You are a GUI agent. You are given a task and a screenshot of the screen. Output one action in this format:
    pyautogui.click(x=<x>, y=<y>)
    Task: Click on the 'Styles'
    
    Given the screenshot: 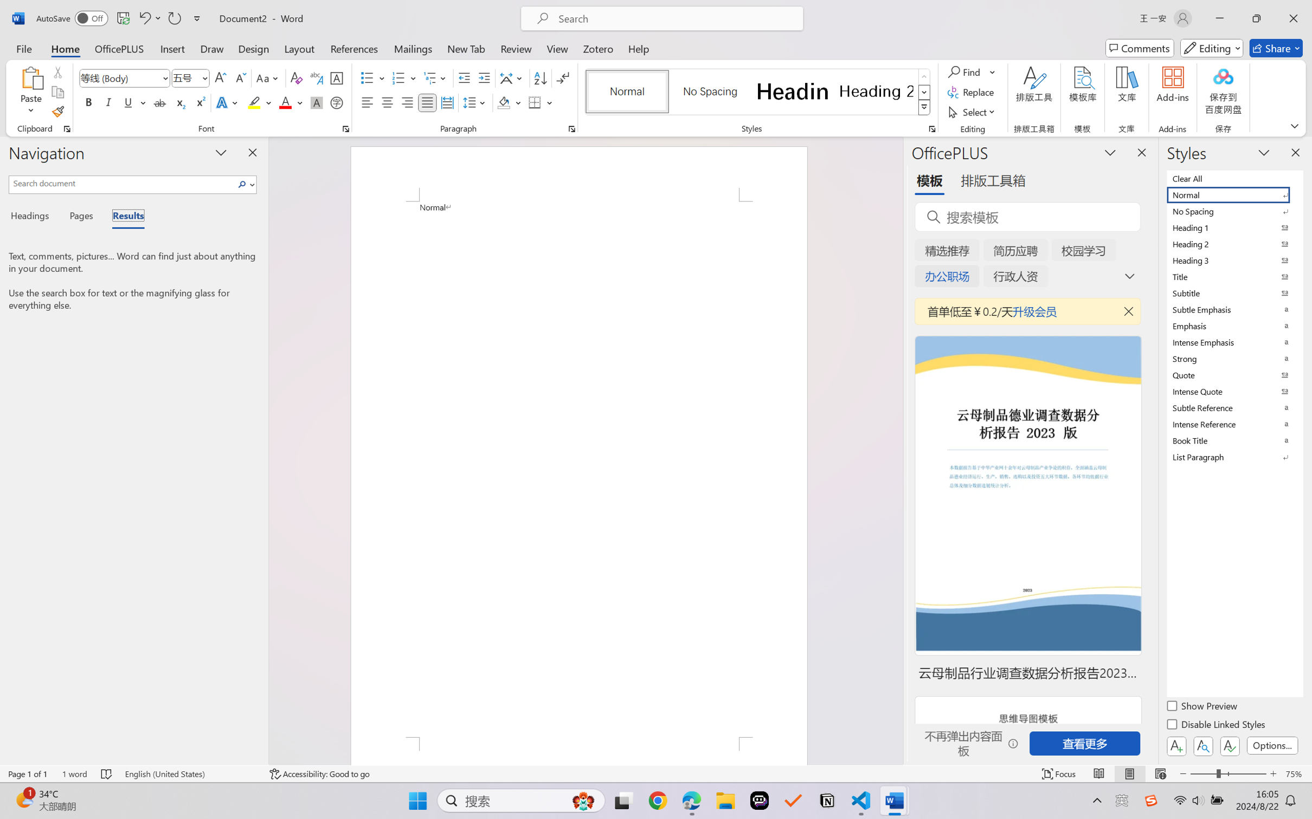 What is the action you would take?
    pyautogui.click(x=923, y=107)
    